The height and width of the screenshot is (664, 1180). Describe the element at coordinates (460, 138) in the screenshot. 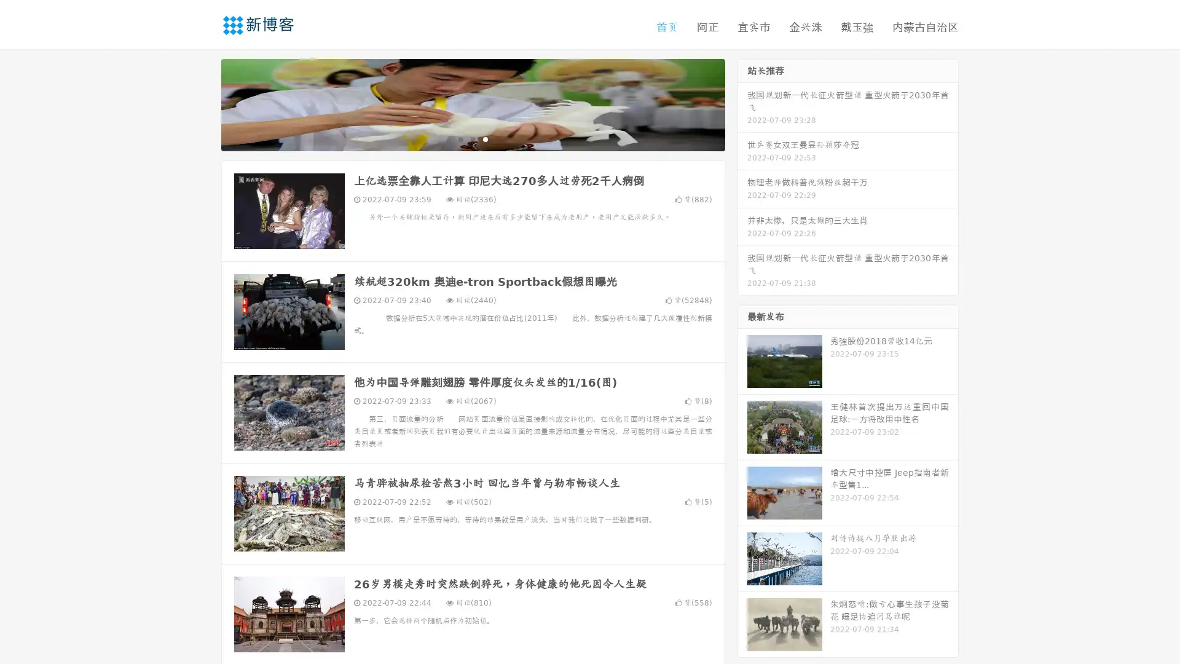

I see `Go to slide 1` at that location.